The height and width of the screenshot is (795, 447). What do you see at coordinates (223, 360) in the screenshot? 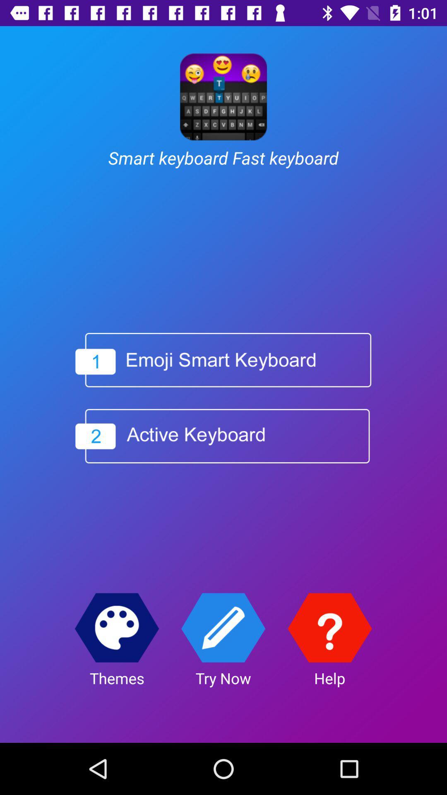
I see `emoji smart keyboard` at bounding box center [223, 360].